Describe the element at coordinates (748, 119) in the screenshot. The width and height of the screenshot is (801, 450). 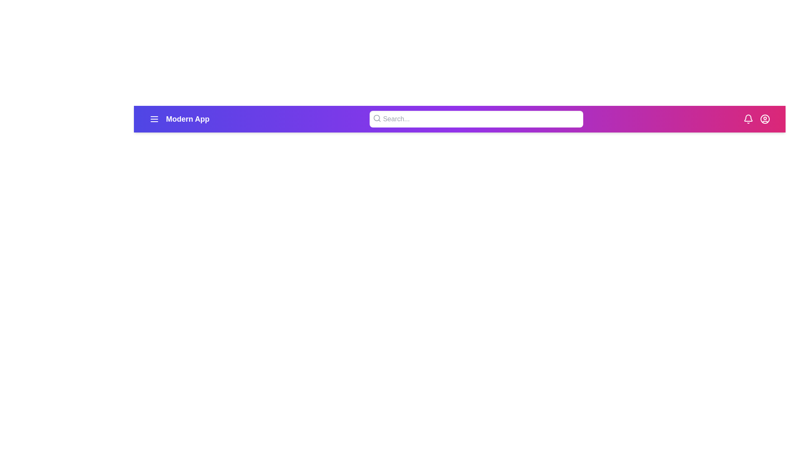
I see `the bell icon to receive notifications` at that location.